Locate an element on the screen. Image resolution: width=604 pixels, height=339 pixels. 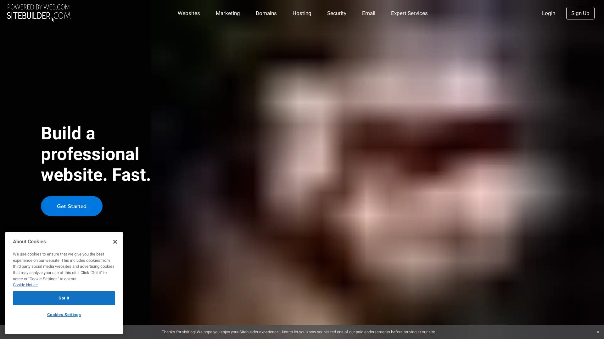
Close is located at coordinates (597, 331).